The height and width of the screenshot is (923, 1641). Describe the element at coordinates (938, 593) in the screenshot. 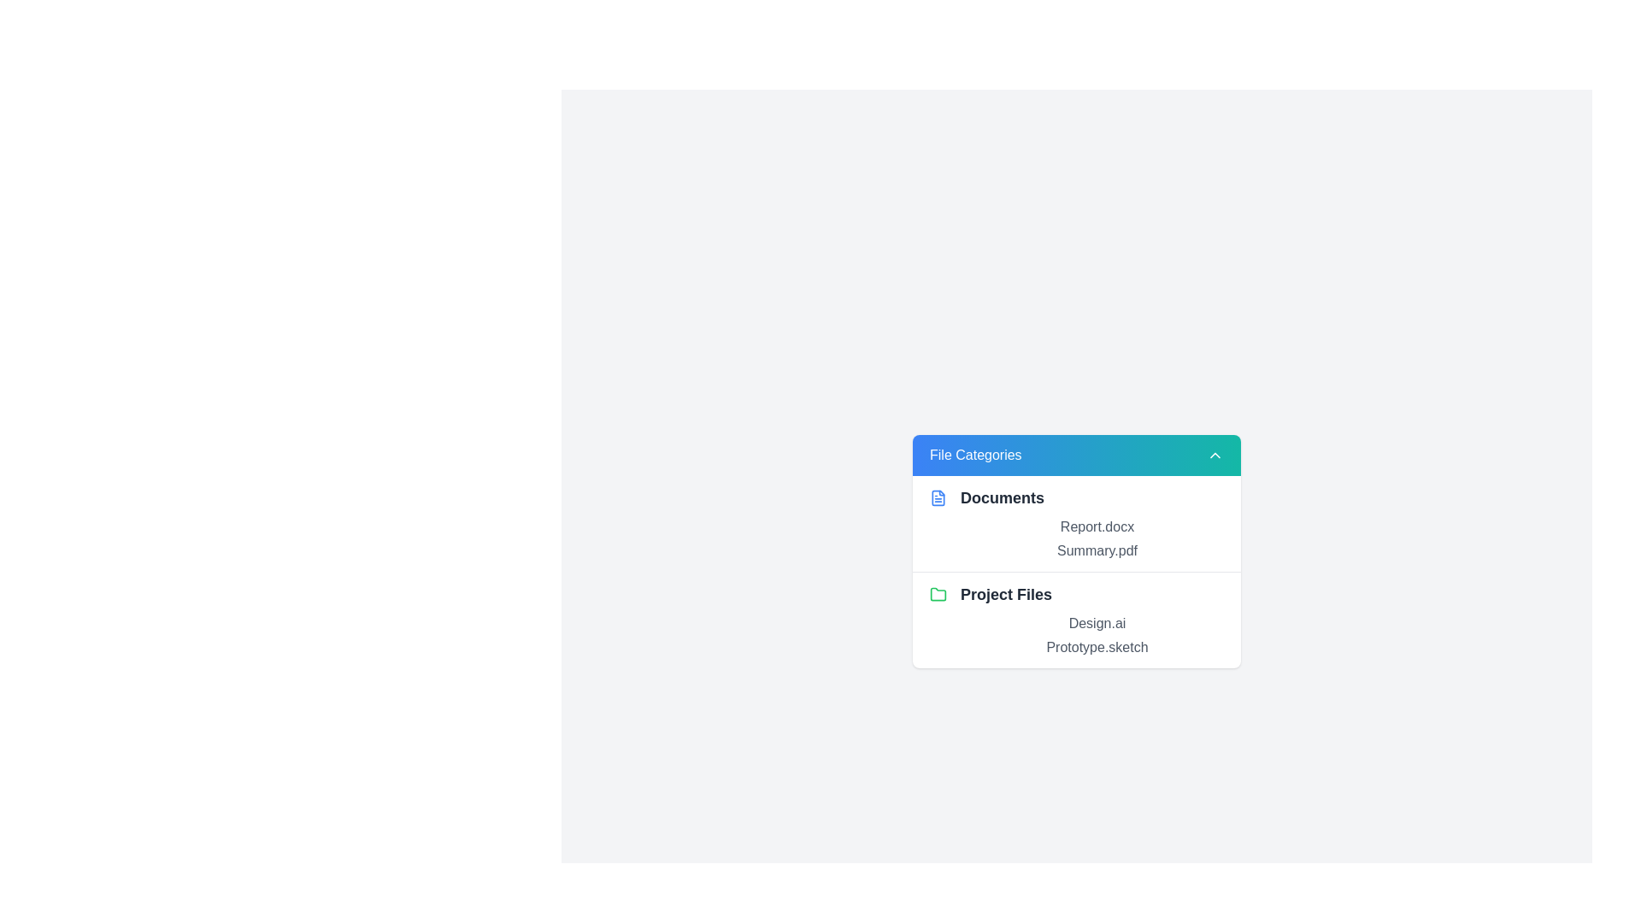

I see `the green folder SVG icon located next to the 'Project Files' text in the UI` at that location.